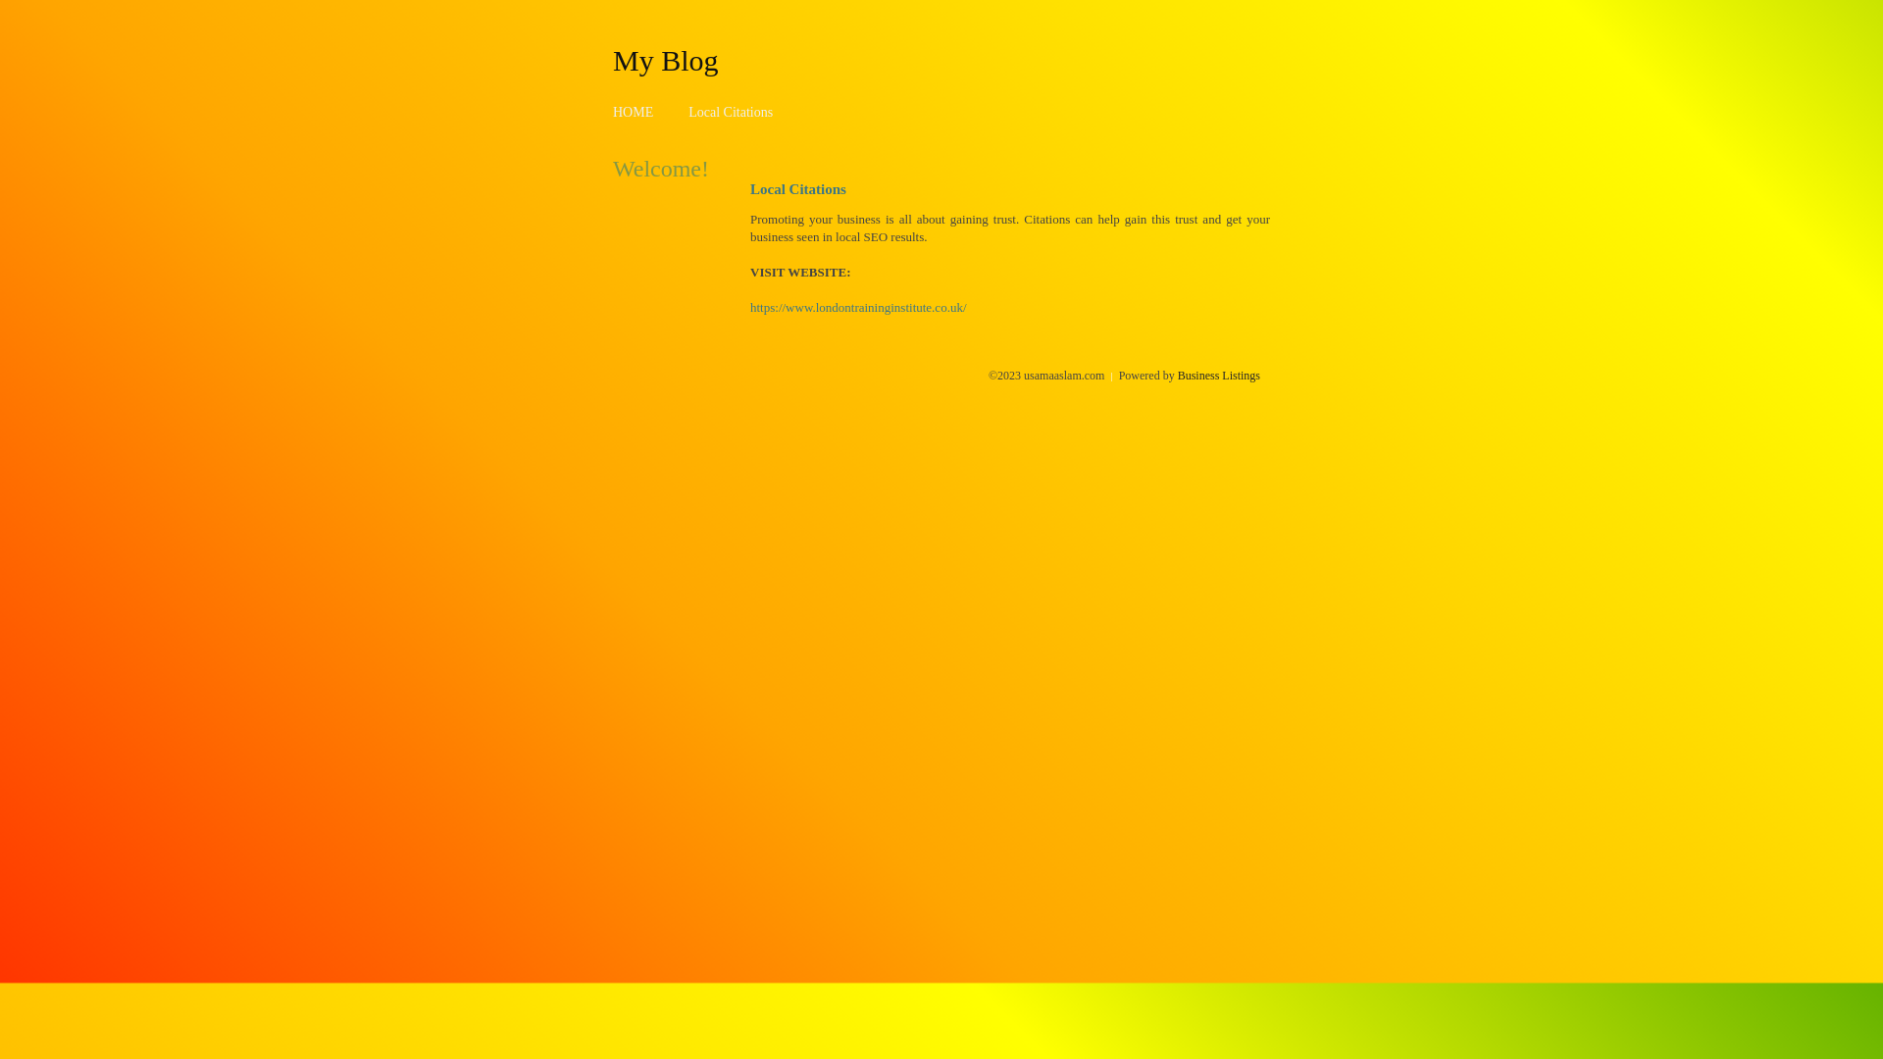 This screenshot has height=1059, width=1883. Describe the element at coordinates (729, 112) in the screenshot. I see `'Local Citations'` at that location.